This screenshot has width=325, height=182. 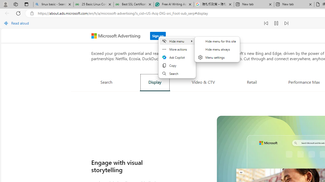 What do you see at coordinates (266, 23) in the screenshot?
I see `'Read previous paragraph'` at bounding box center [266, 23].